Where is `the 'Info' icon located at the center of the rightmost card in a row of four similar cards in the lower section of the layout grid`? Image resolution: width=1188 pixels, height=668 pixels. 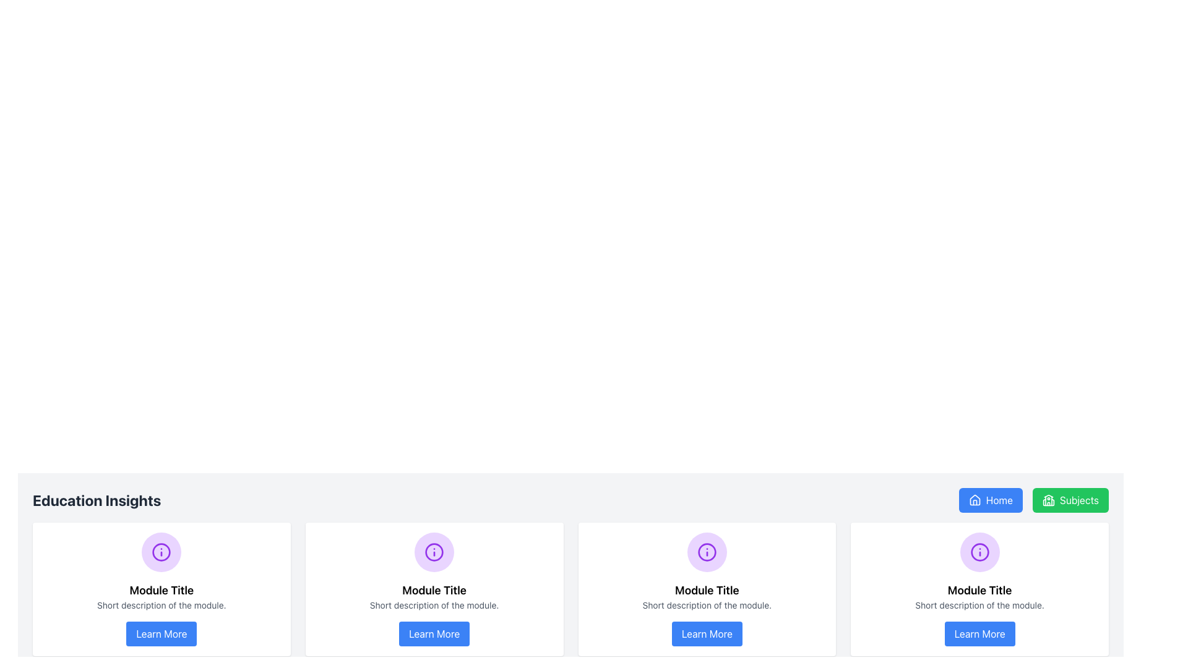 the 'Info' icon located at the center of the rightmost card in a row of four similar cards in the lower section of the layout grid is located at coordinates (707, 552).